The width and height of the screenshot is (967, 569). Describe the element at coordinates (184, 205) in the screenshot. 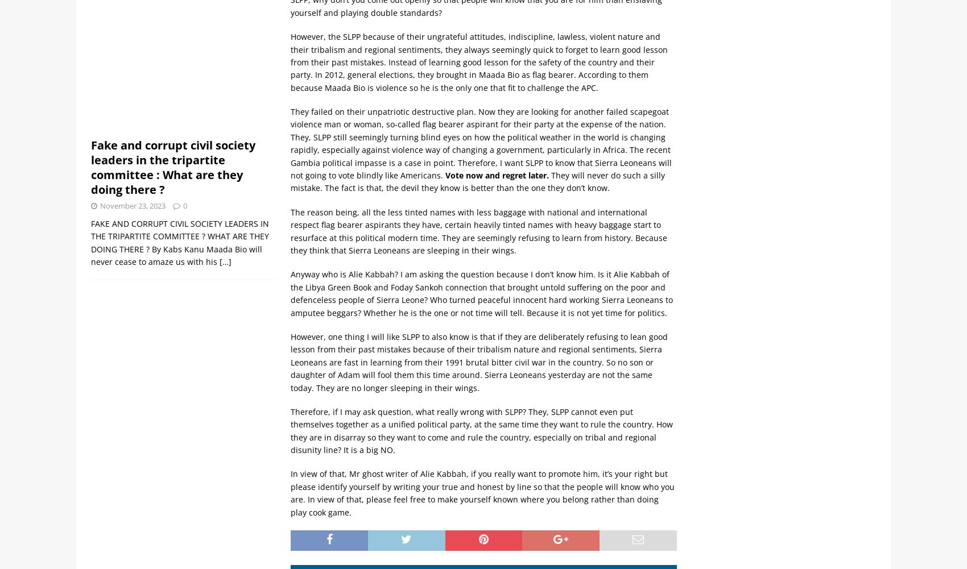

I see `'0'` at that location.